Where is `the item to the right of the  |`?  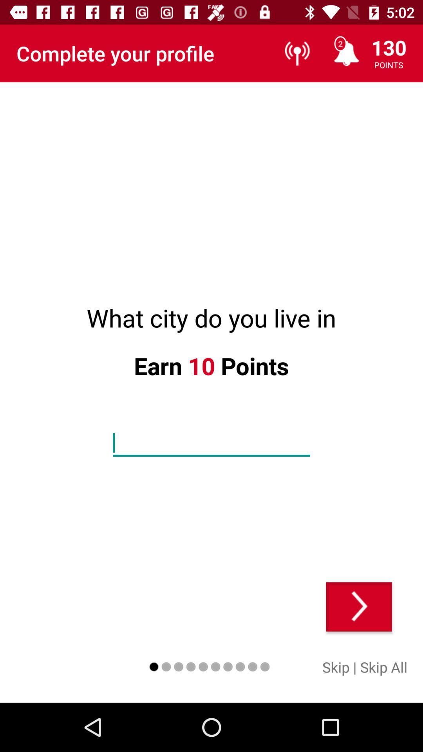 the item to the right of the  | is located at coordinates (383, 667).